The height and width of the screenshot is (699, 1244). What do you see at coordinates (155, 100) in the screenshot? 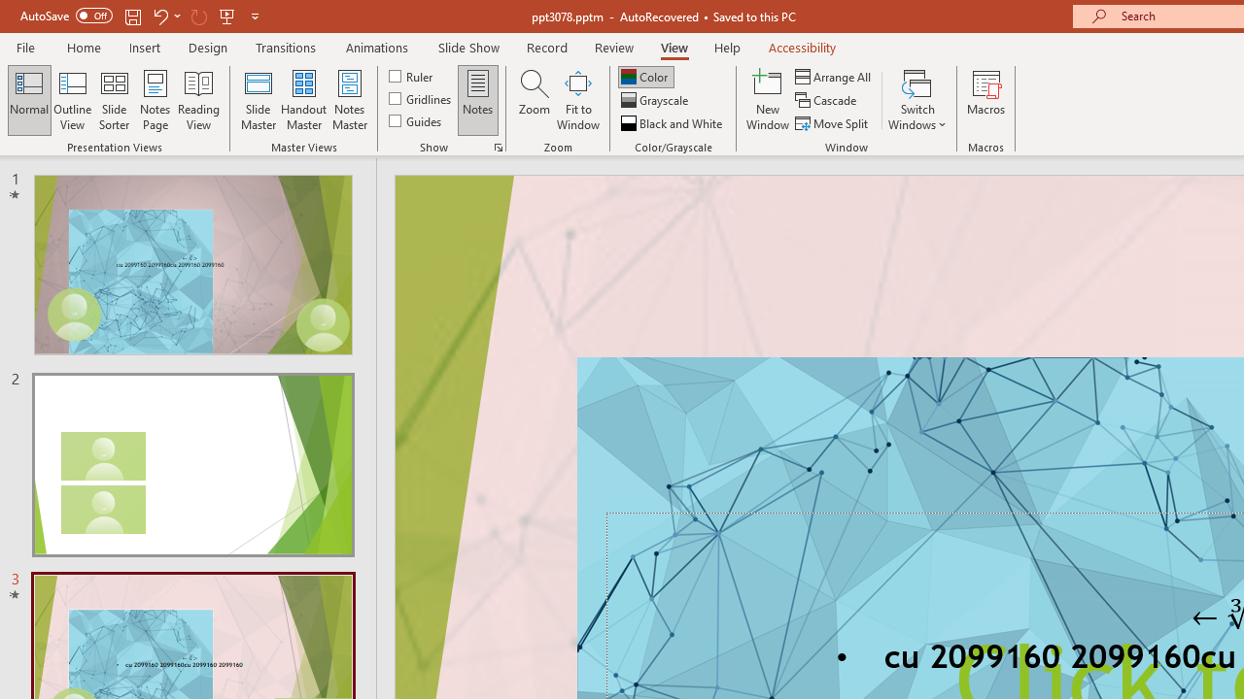
I see `'Notes Page'` at bounding box center [155, 100].